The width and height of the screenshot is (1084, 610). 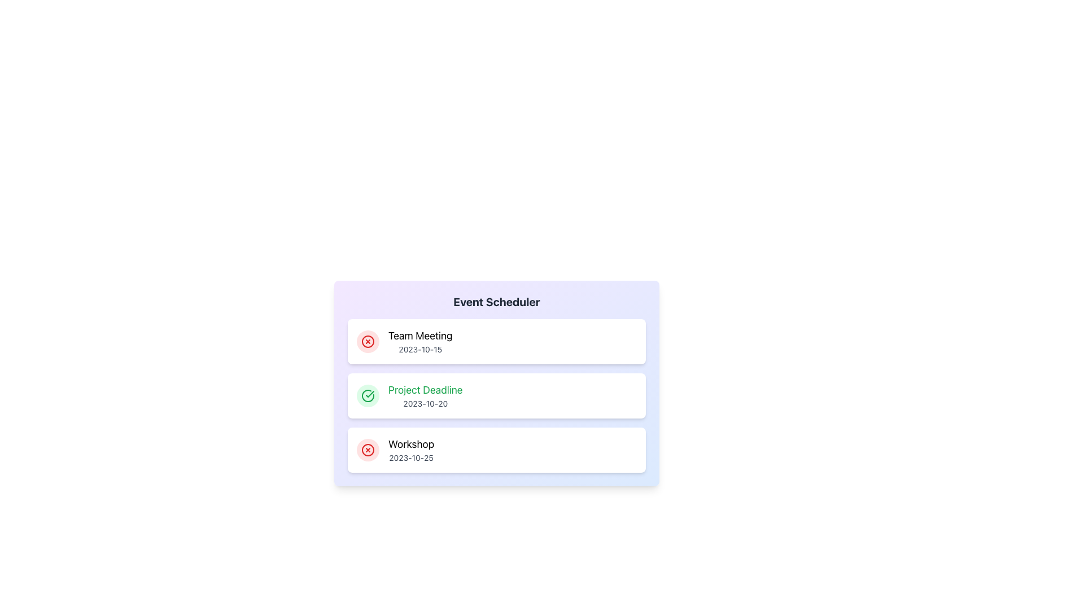 I want to click on the second event card in the vertical list within the 'Event Scheduler', so click(x=496, y=382).